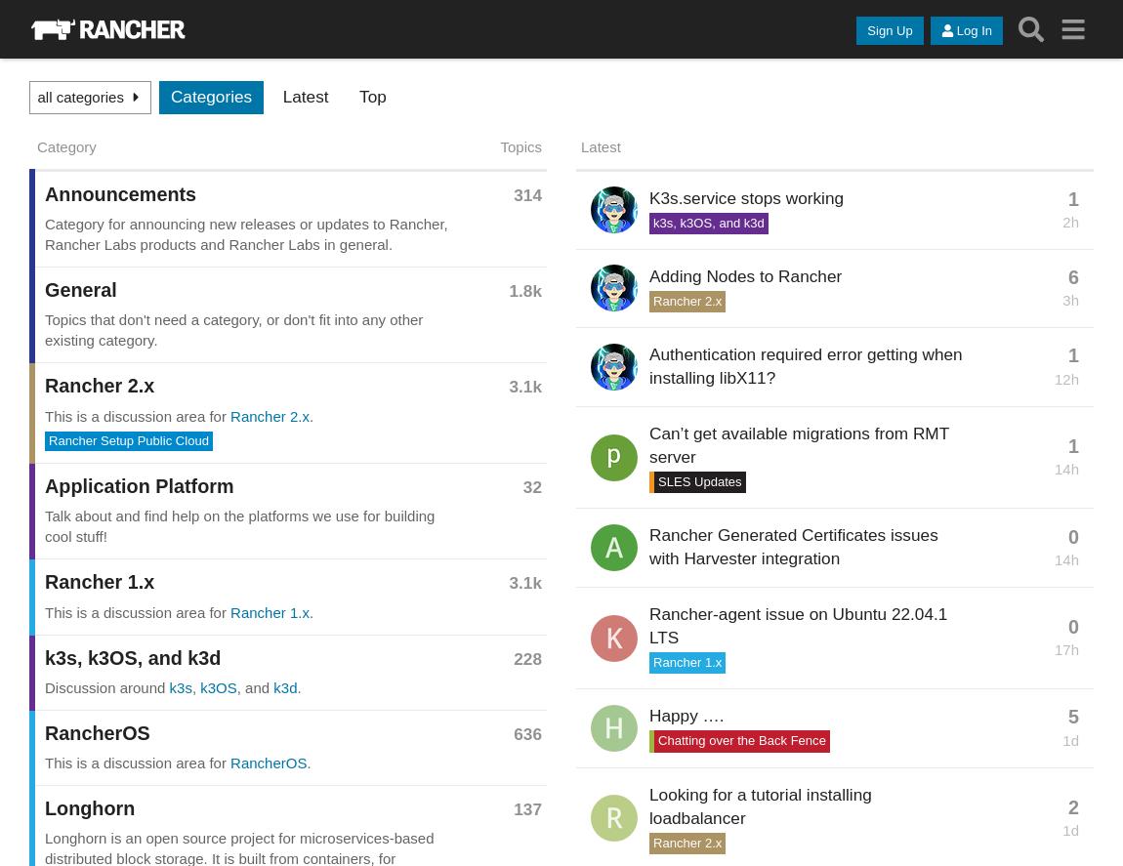  What do you see at coordinates (527, 657) in the screenshot?
I see `'228'` at bounding box center [527, 657].